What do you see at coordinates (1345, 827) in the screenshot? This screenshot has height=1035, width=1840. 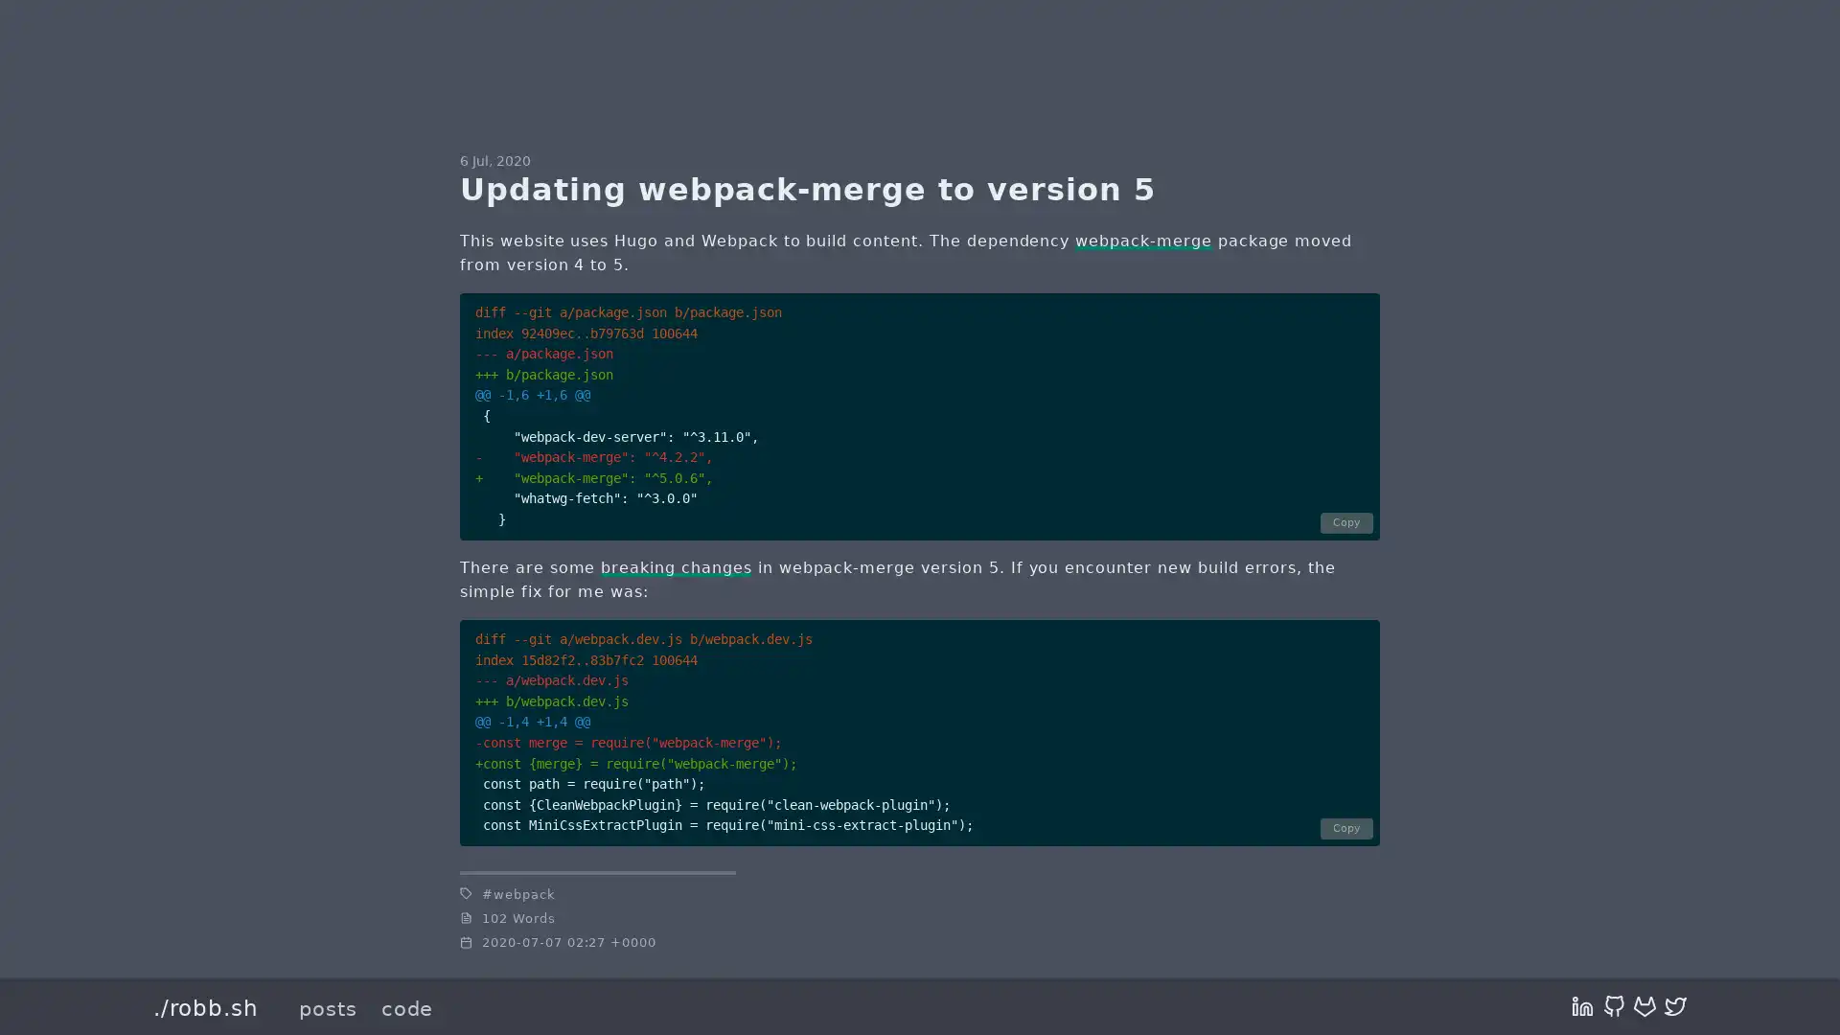 I see `Copy` at bounding box center [1345, 827].